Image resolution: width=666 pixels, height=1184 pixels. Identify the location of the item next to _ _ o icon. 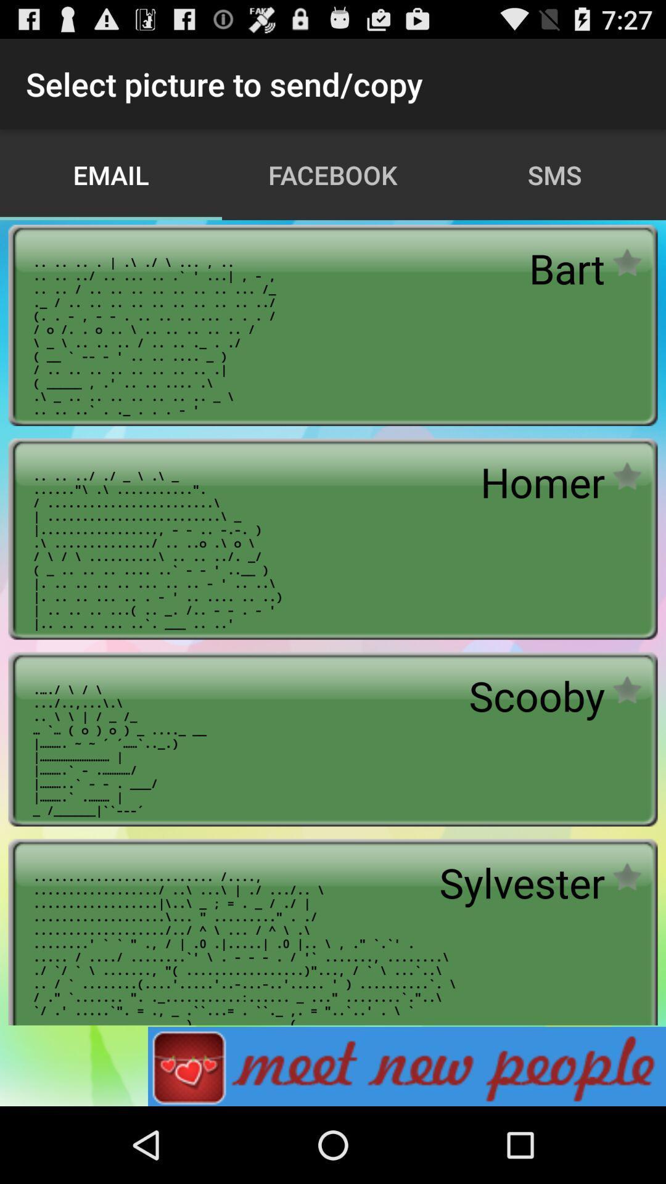
(536, 696).